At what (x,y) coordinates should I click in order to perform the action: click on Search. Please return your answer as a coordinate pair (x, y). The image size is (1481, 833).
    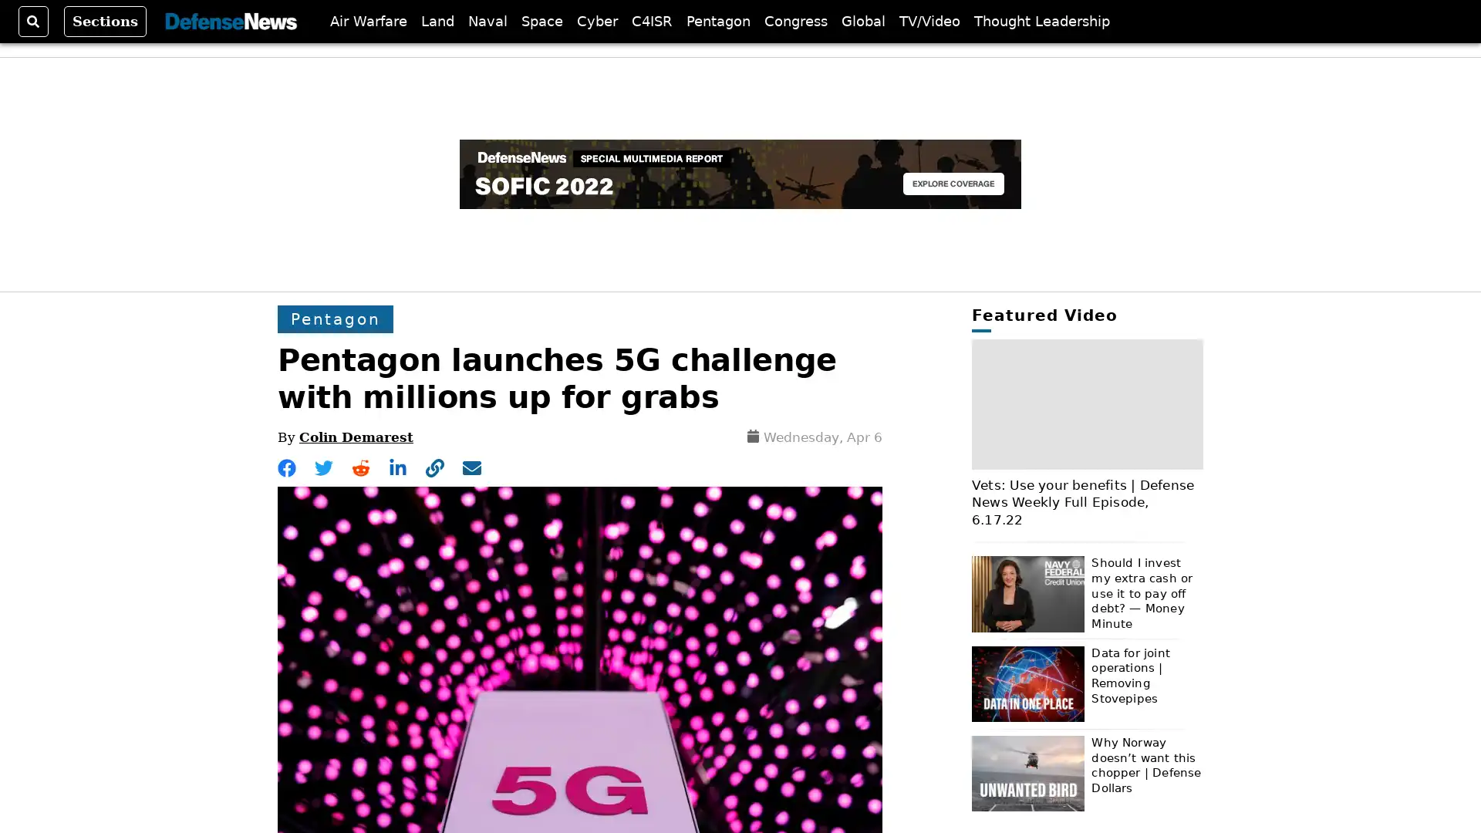
    Looking at the image, I should click on (33, 21).